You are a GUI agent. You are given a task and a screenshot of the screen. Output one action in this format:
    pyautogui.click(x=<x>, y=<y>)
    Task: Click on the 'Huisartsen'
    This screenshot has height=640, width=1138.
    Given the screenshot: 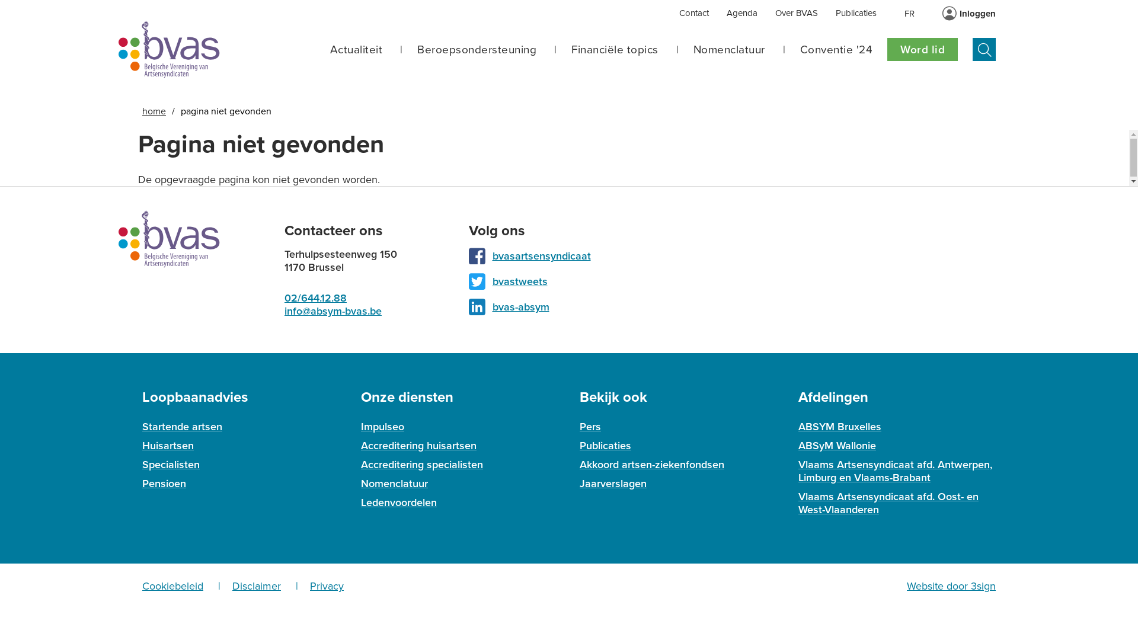 What is the action you would take?
    pyautogui.click(x=167, y=446)
    